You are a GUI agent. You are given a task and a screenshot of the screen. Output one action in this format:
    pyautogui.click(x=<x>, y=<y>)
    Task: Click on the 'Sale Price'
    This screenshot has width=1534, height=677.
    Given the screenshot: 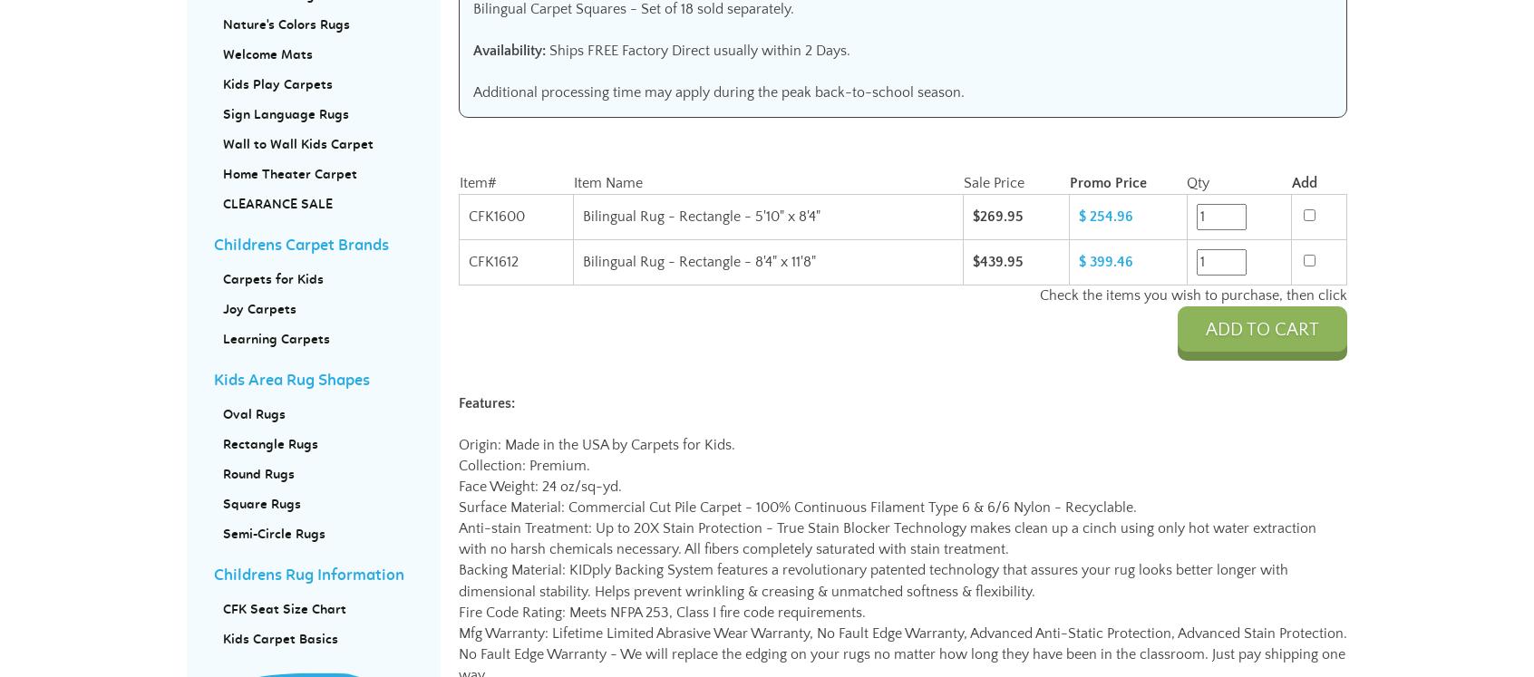 What is the action you would take?
    pyautogui.click(x=963, y=182)
    